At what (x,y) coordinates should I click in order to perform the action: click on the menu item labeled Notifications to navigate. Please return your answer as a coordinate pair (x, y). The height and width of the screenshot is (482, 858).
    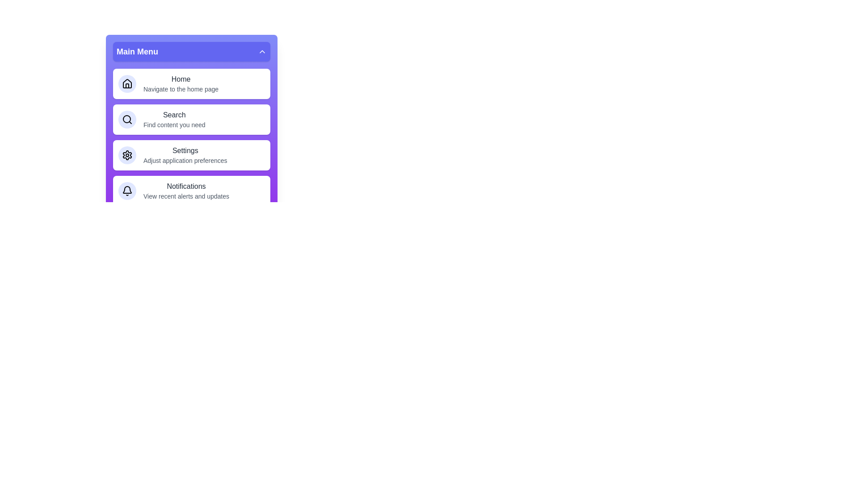
    Looking at the image, I should click on (191, 191).